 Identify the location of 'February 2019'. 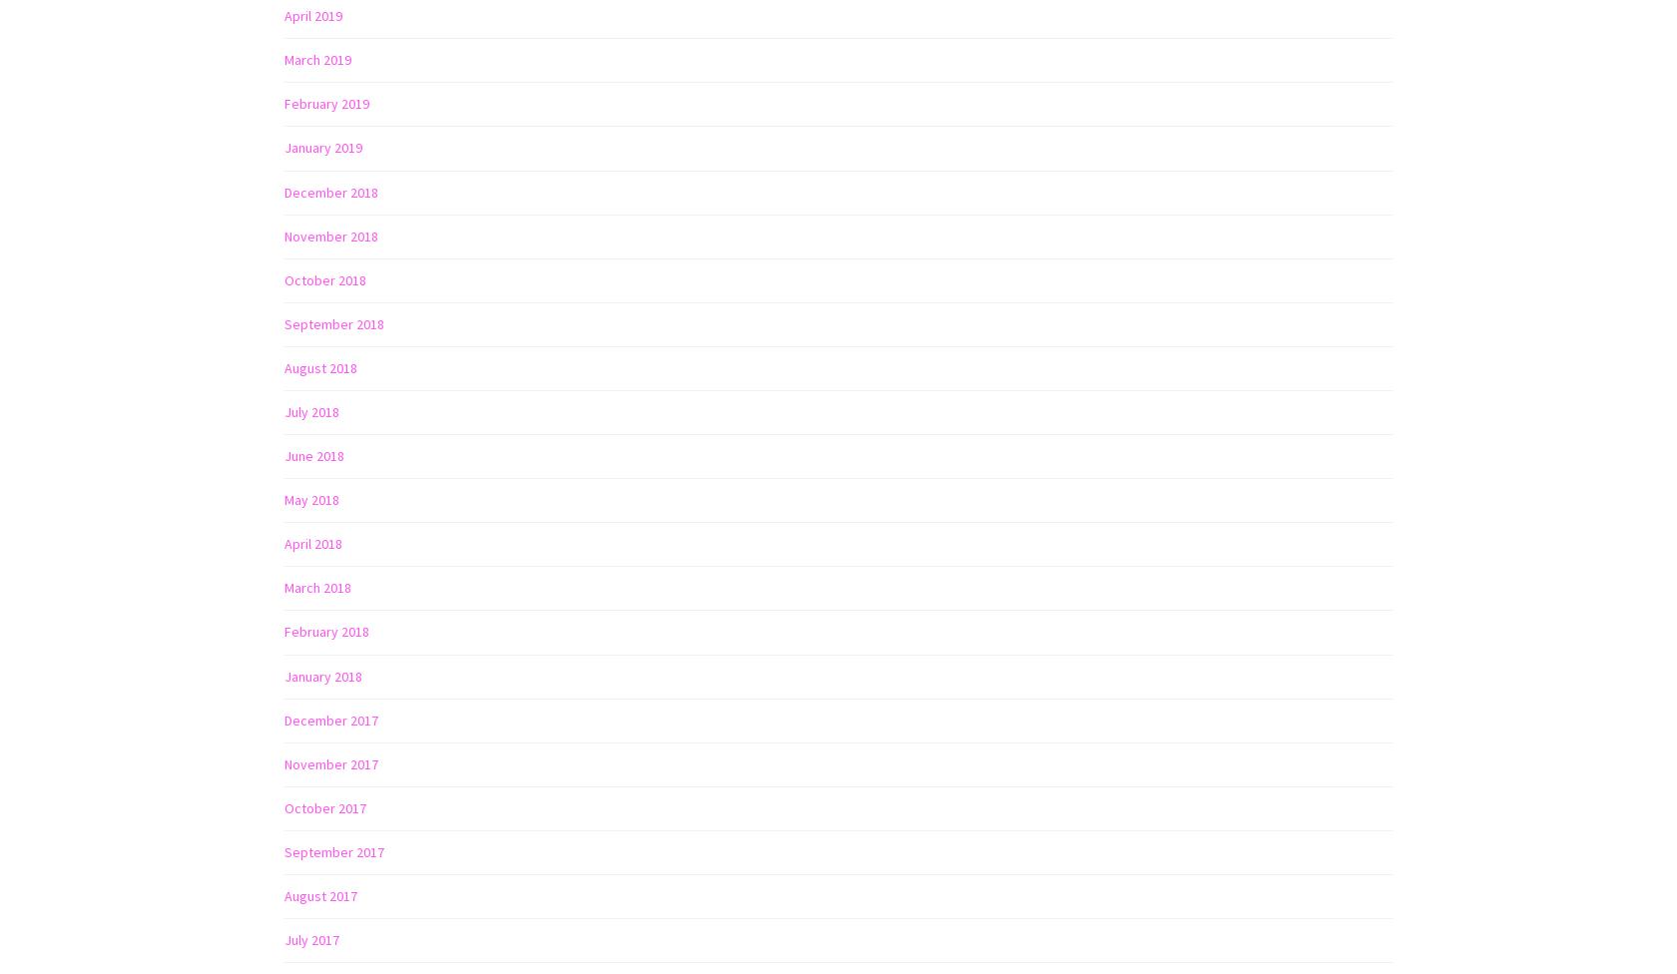
(326, 104).